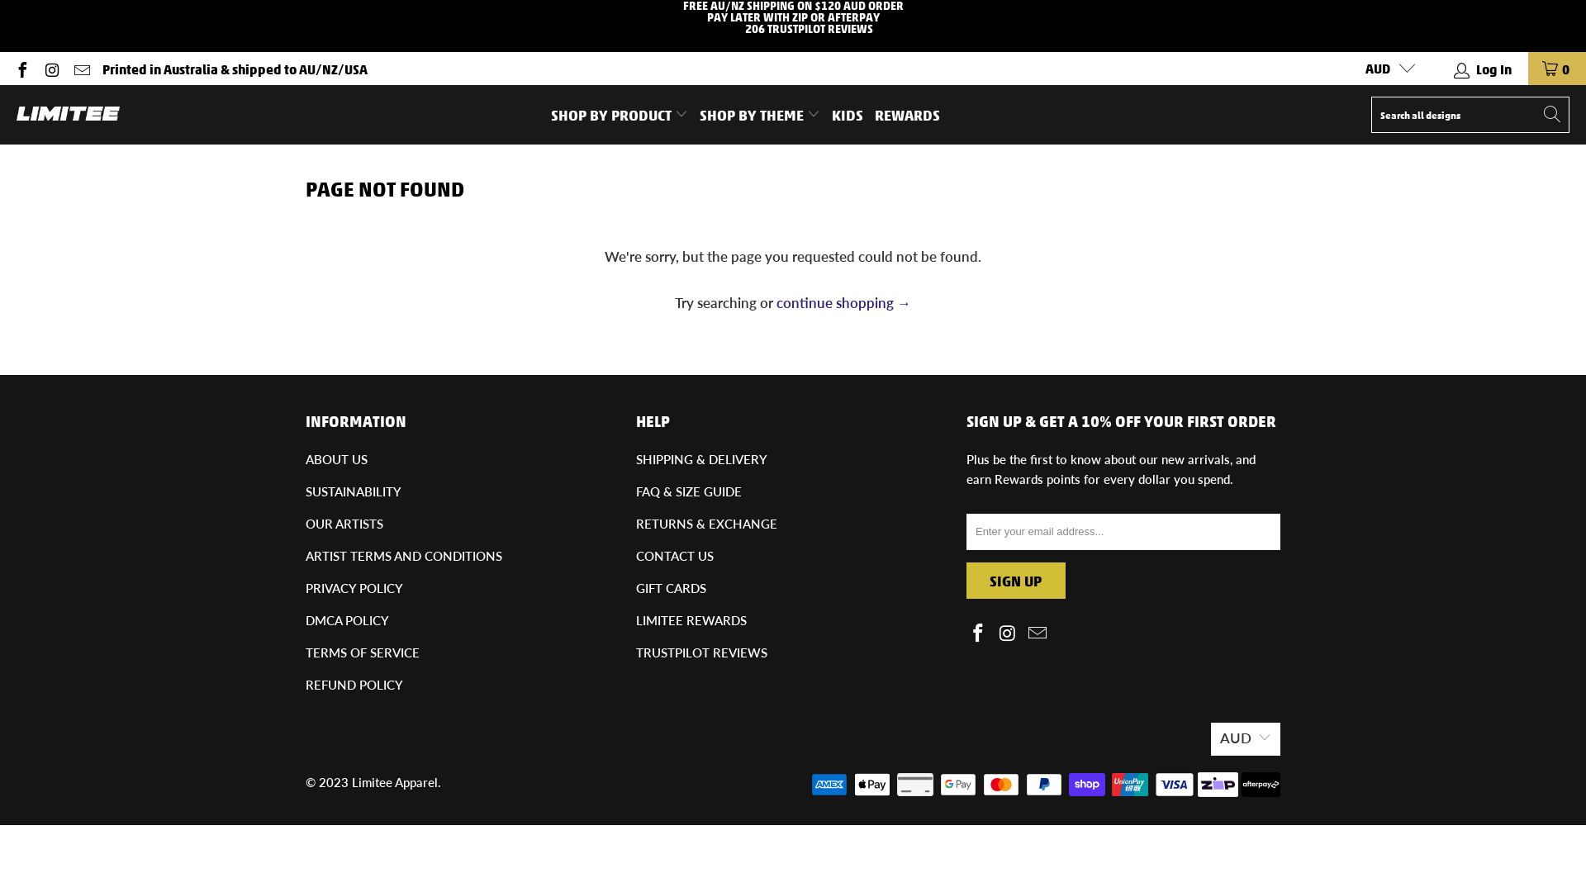 The width and height of the screenshot is (1586, 892). What do you see at coordinates (79, 67) in the screenshot?
I see `'Email Limitee Apparel'` at bounding box center [79, 67].